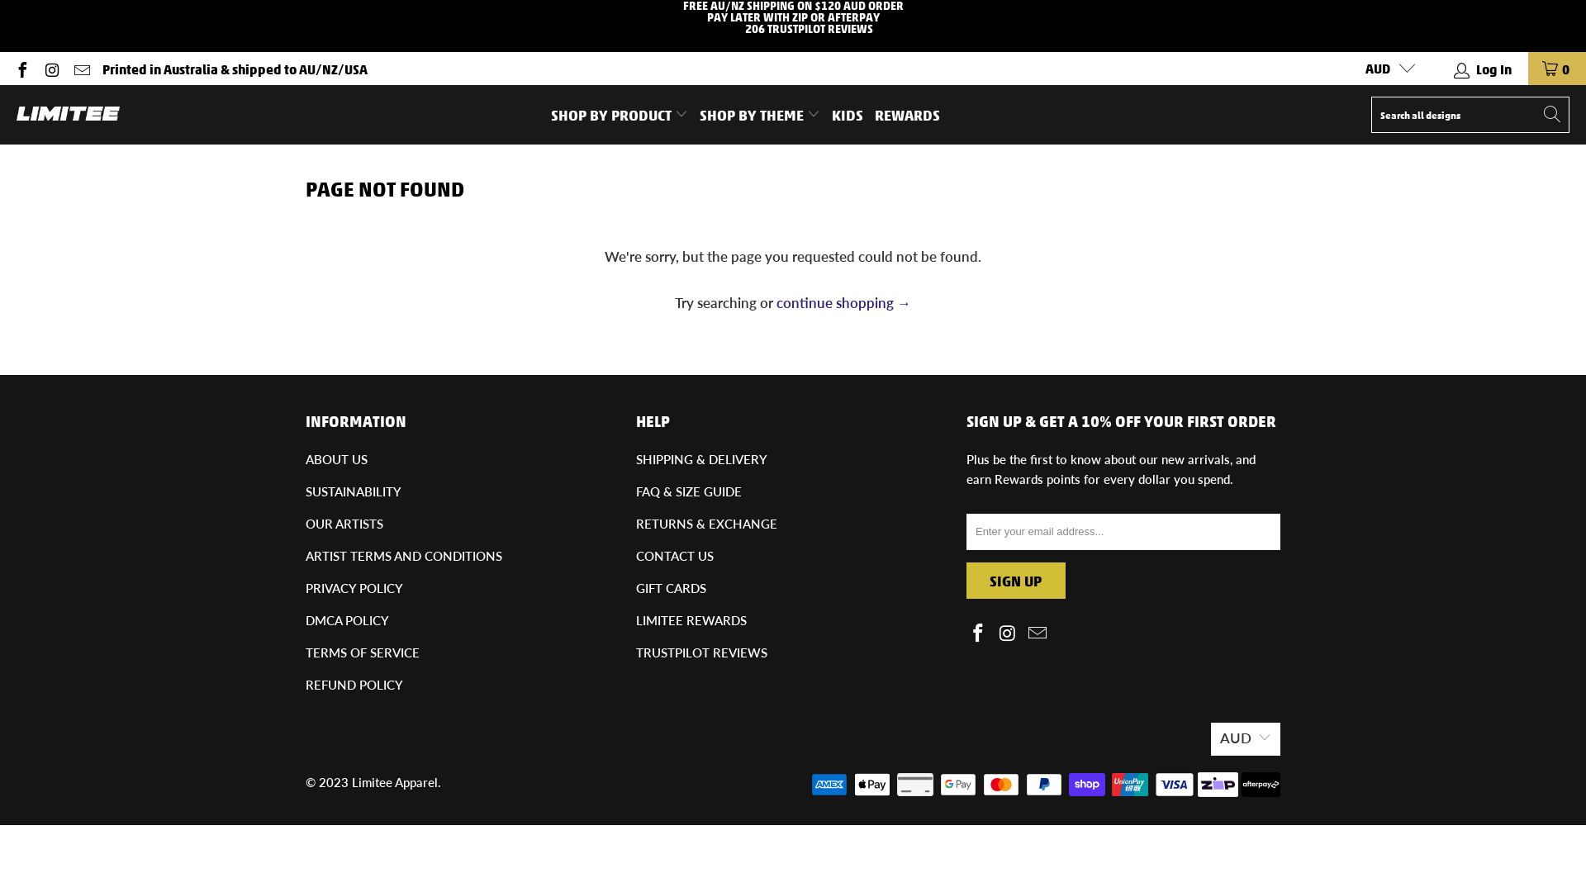 The width and height of the screenshot is (1586, 892). What do you see at coordinates (79, 67) in the screenshot?
I see `'Email Limitee Apparel'` at bounding box center [79, 67].